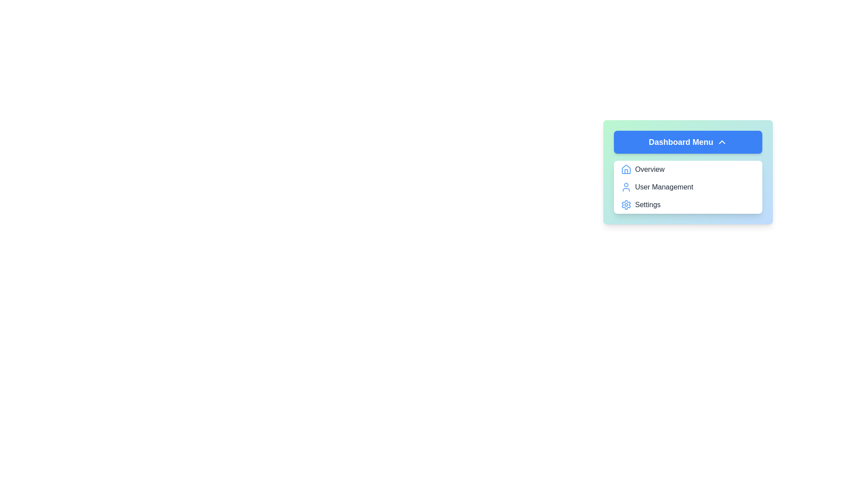  Describe the element at coordinates (625, 204) in the screenshot. I see `the icon associated with Settings` at that location.